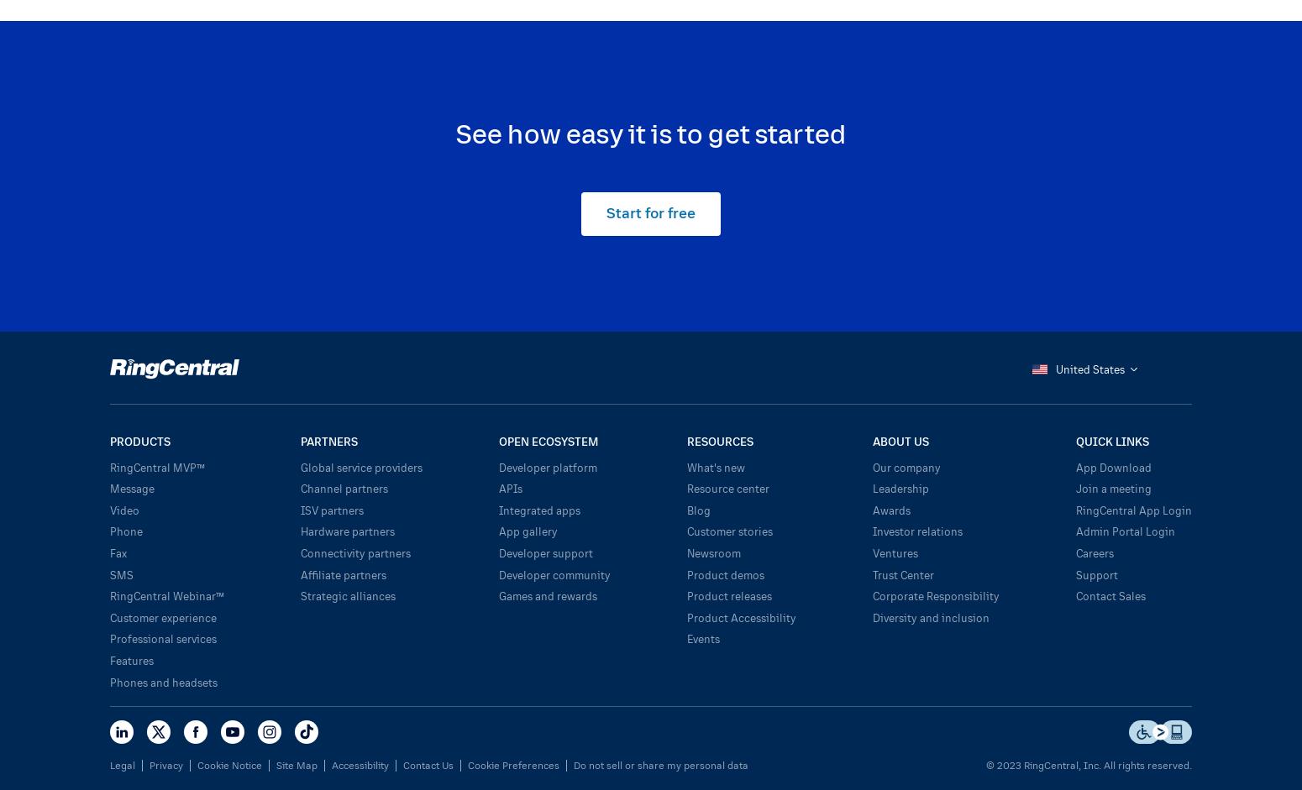 The width and height of the screenshot is (1302, 790). What do you see at coordinates (702, 637) in the screenshot?
I see `'Events'` at bounding box center [702, 637].